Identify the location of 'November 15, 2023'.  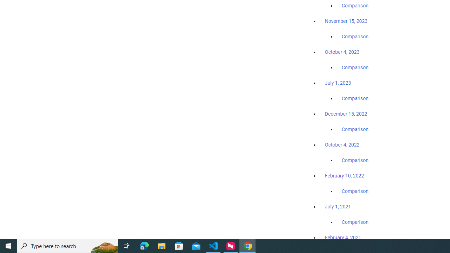
(346, 21).